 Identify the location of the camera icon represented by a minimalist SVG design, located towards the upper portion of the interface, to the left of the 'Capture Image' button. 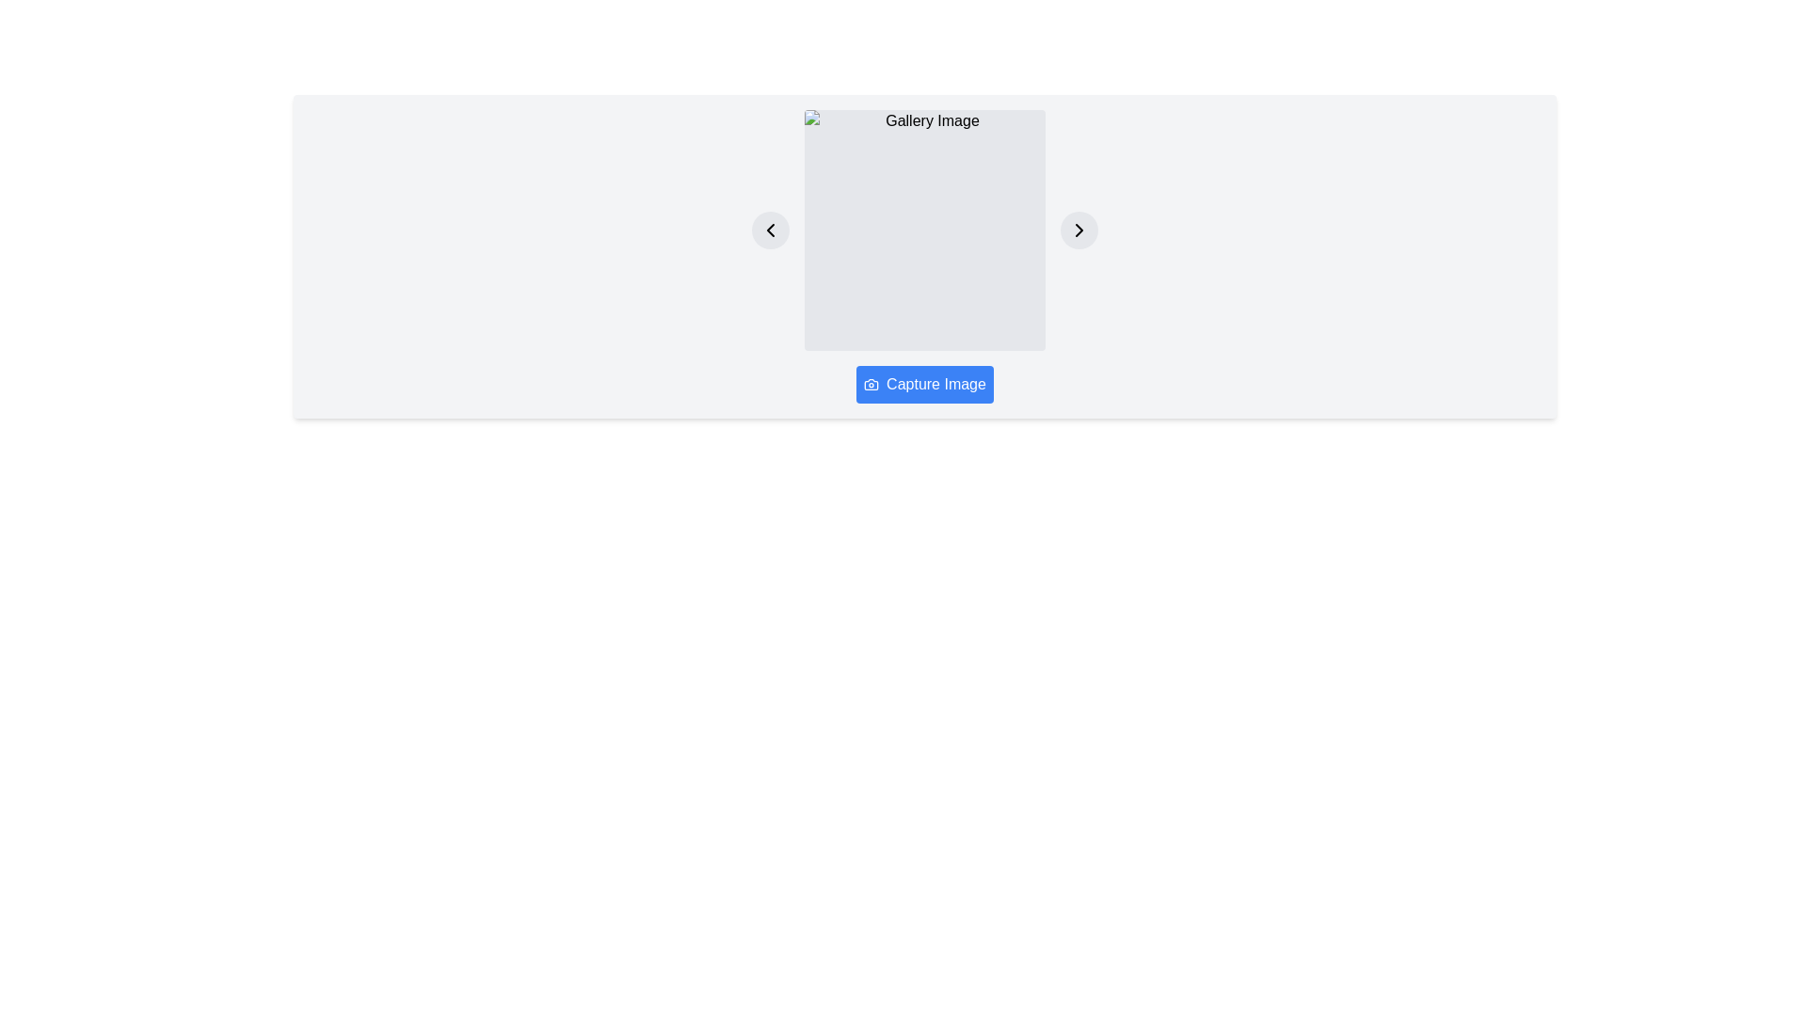
(871, 383).